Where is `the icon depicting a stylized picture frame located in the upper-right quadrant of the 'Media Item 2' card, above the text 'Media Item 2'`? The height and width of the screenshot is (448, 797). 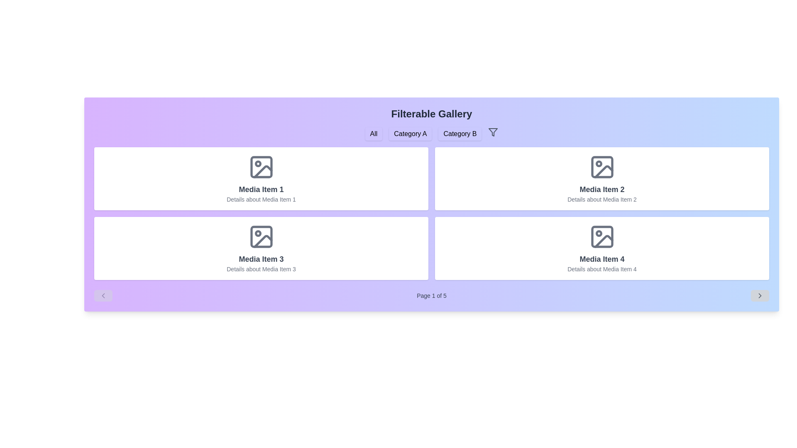 the icon depicting a stylized picture frame located in the upper-right quadrant of the 'Media Item 2' card, above the text 'Media Item 2' is located at coordinates (602, 167).